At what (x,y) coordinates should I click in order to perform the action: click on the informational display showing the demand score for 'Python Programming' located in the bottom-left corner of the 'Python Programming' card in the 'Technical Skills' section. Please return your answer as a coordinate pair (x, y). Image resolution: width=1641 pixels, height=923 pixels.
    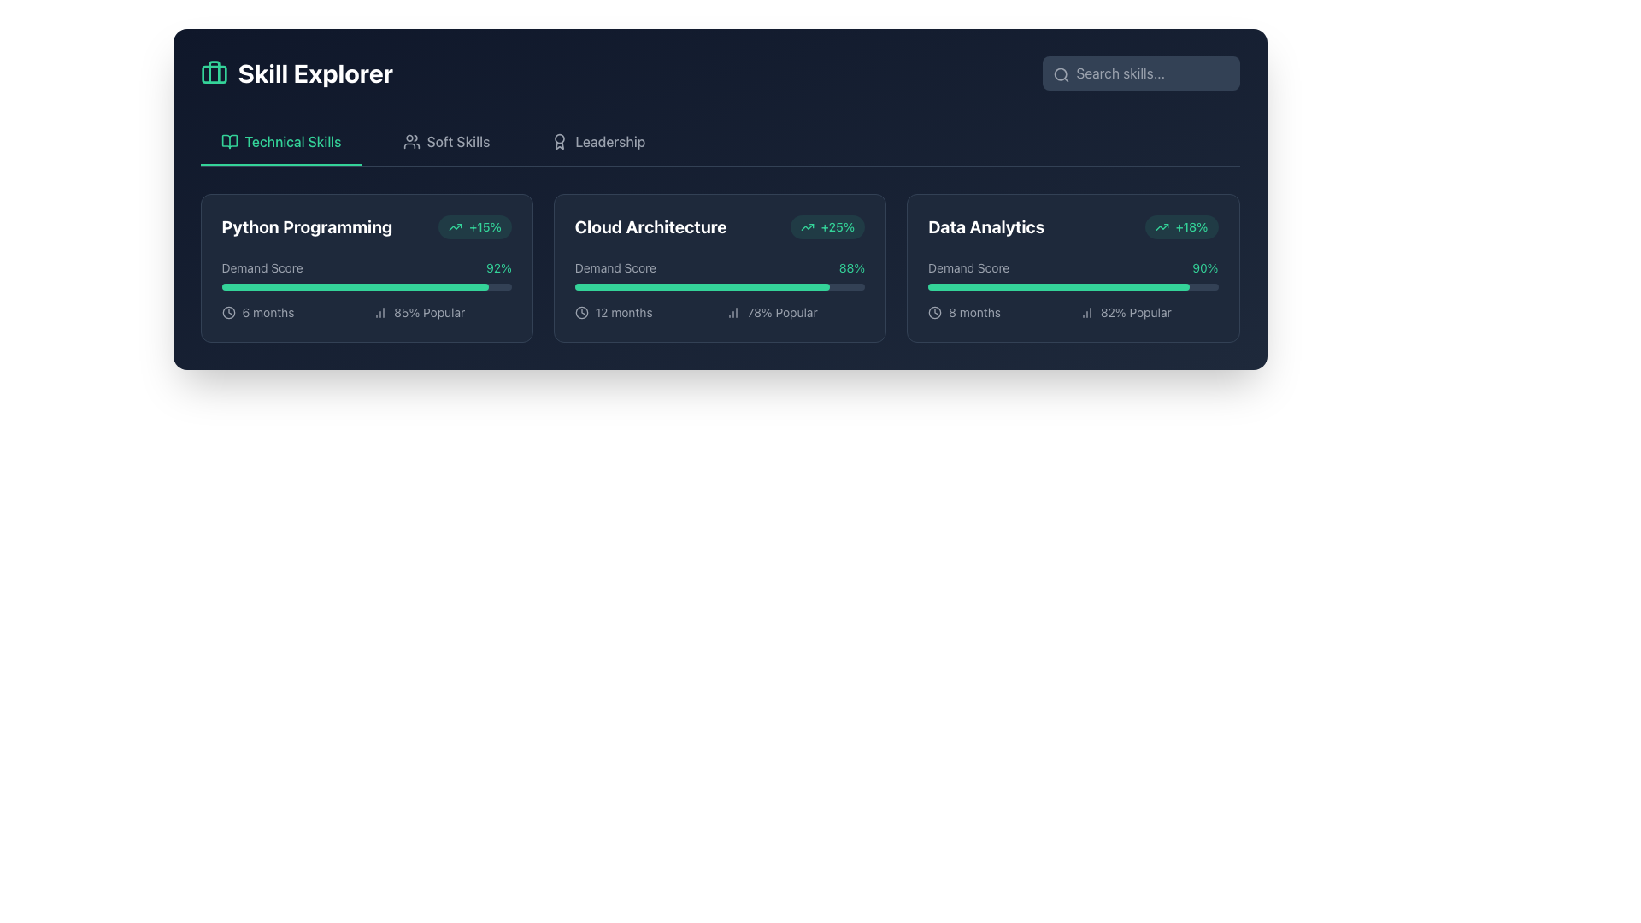
    Looking at the image, I should click on (366, 273).